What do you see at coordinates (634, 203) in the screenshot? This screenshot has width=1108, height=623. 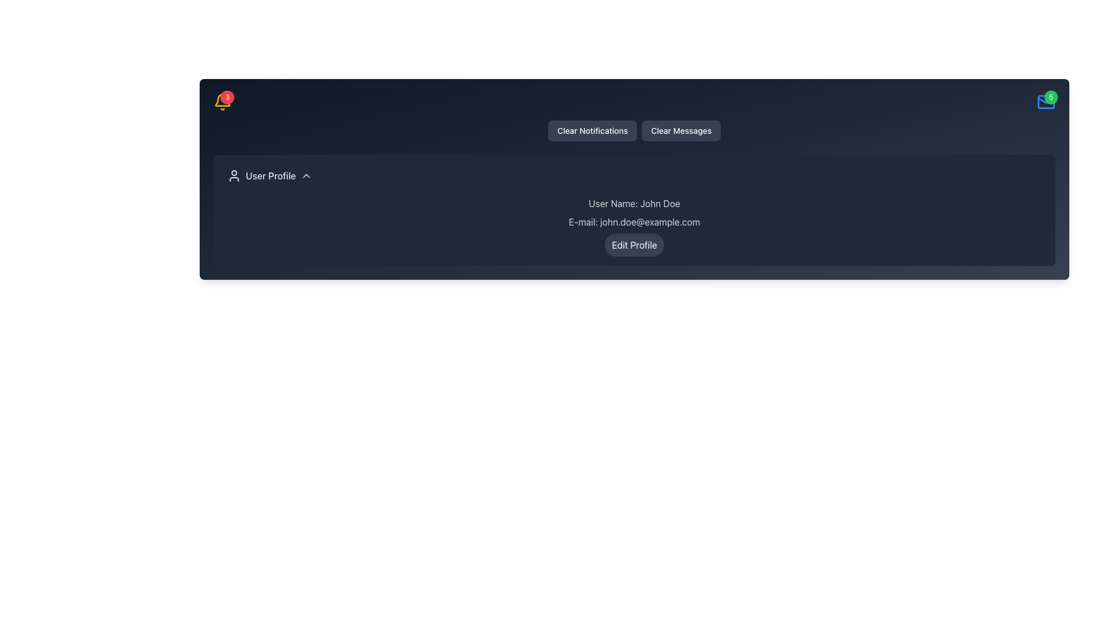 I see `static text element displaying the user's name, located above the email and below the edit profile button` at bounding box center [634, 203].